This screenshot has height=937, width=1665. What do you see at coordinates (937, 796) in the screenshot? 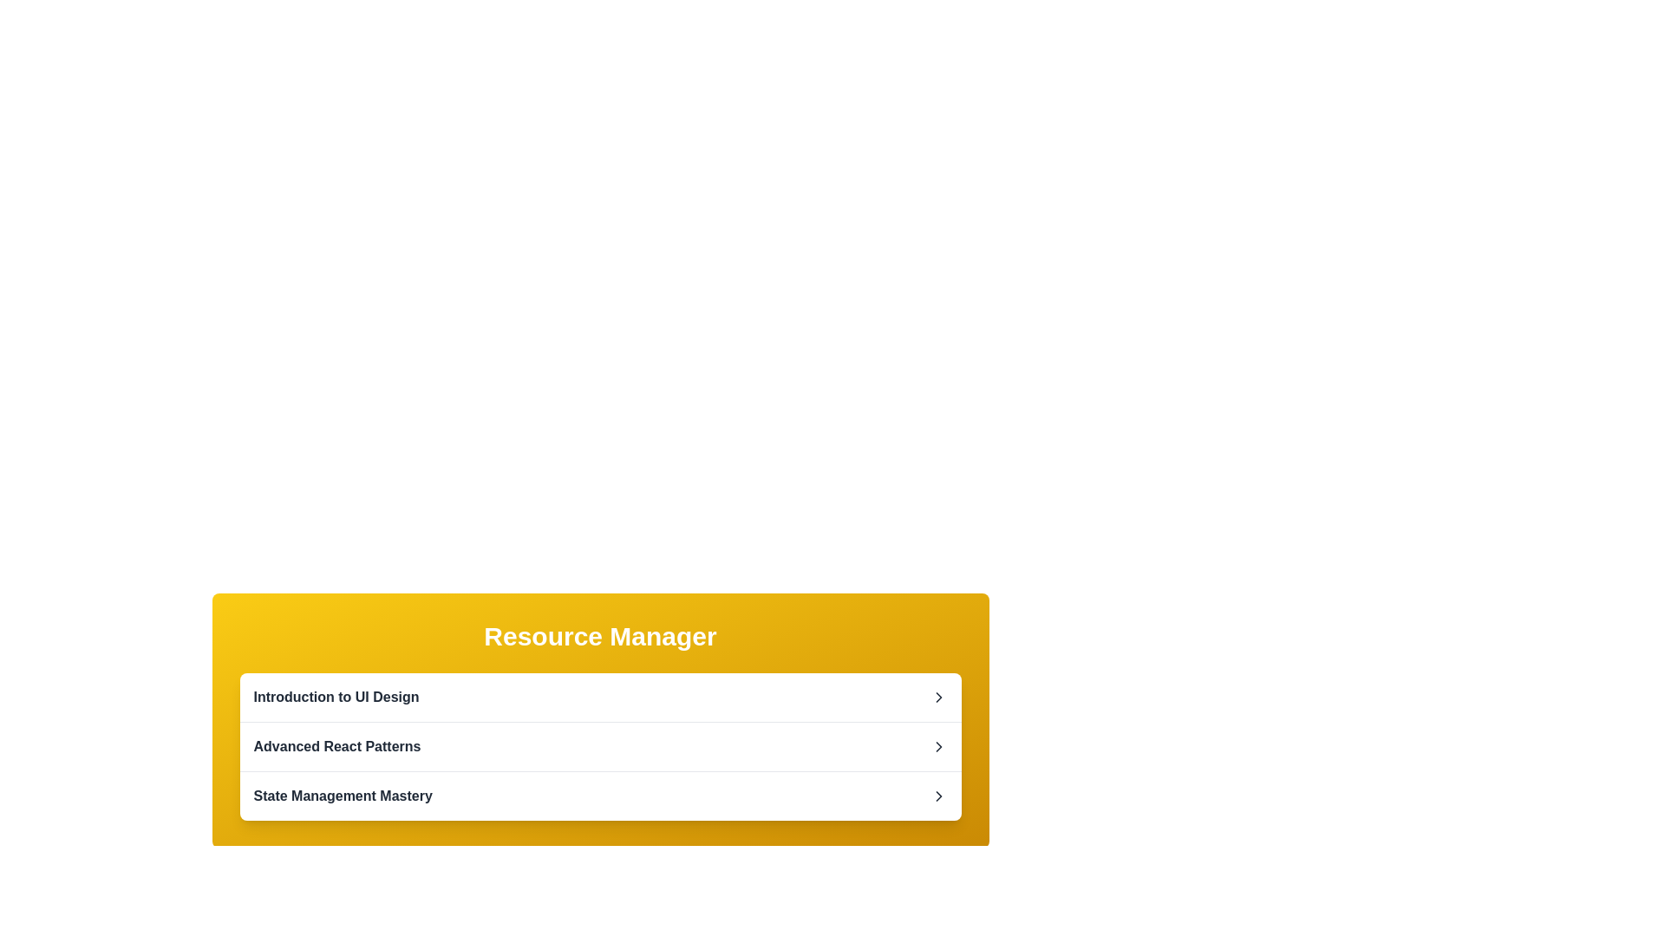
I see `the rightward arrow icon, which is the rightmost icon within the third item of a vertical list aligned with the 'State Management Mastery' text` at bounding box center [937, 796].